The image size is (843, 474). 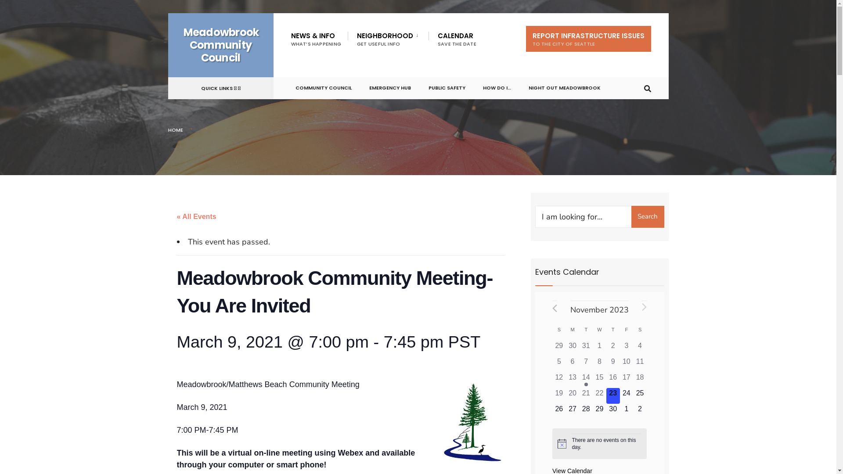 I want to click on '0 events,, so click(x=586, y=348).